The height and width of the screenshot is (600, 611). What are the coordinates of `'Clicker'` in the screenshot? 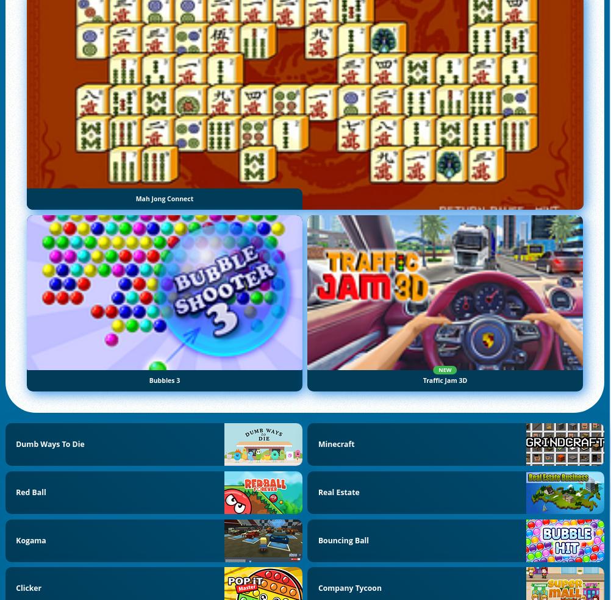 It's located at (28, 588).